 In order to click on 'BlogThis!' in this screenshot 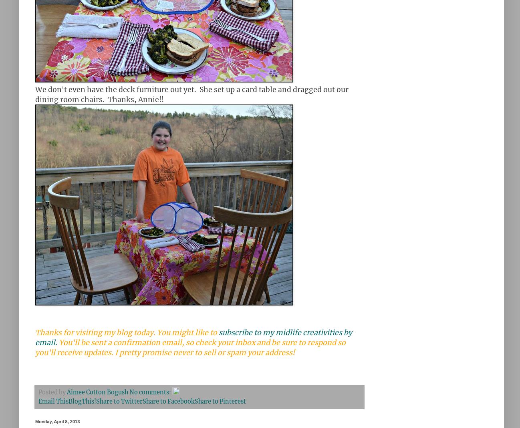, I will do `click(82, 402)`.